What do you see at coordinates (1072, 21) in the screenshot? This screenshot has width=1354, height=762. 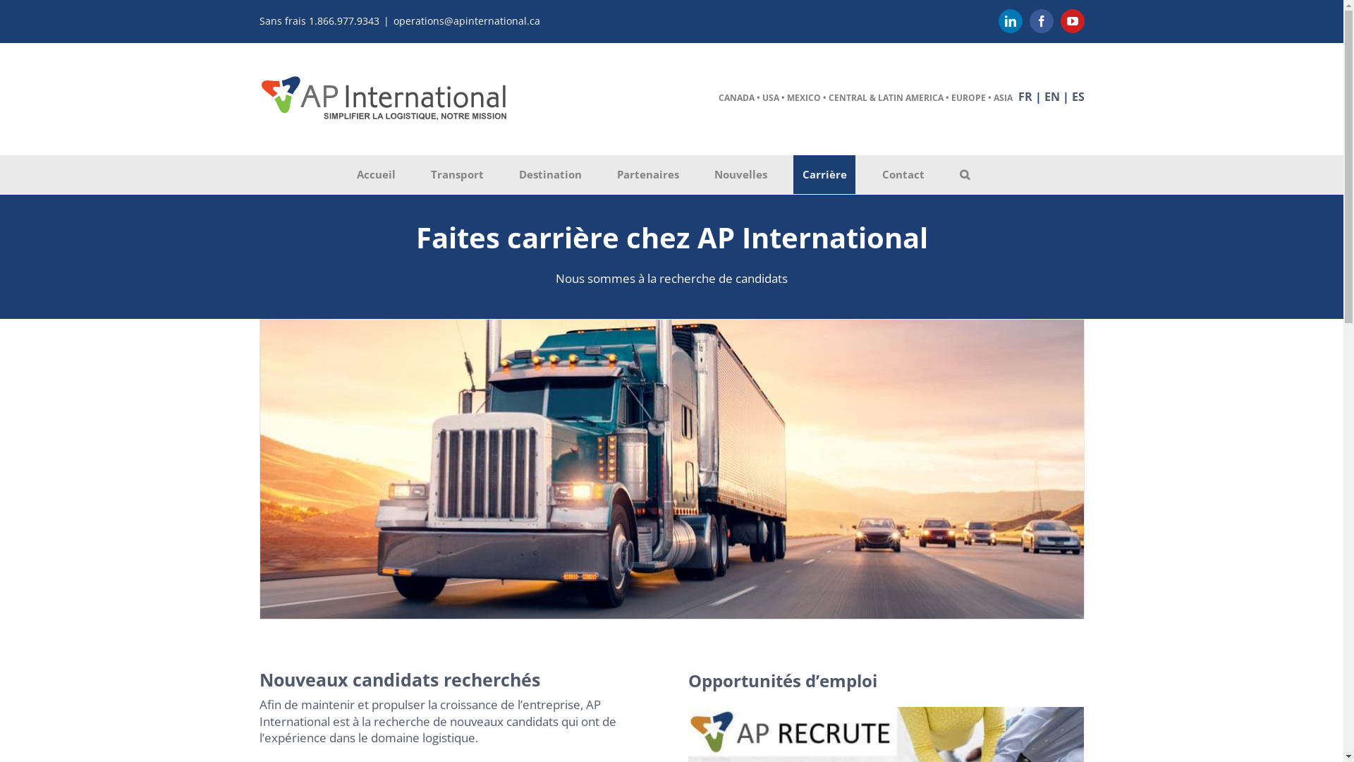 I see `'YouTube'` at bounding box center [1072, 21].